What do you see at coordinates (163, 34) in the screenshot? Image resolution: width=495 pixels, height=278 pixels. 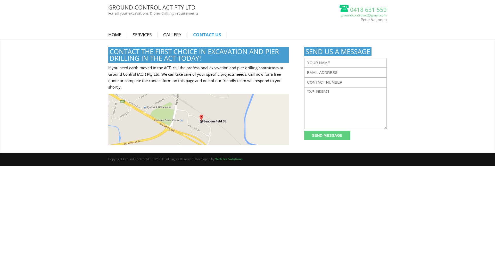 I see `'GALLERY'` at bounding box center [163, 34].